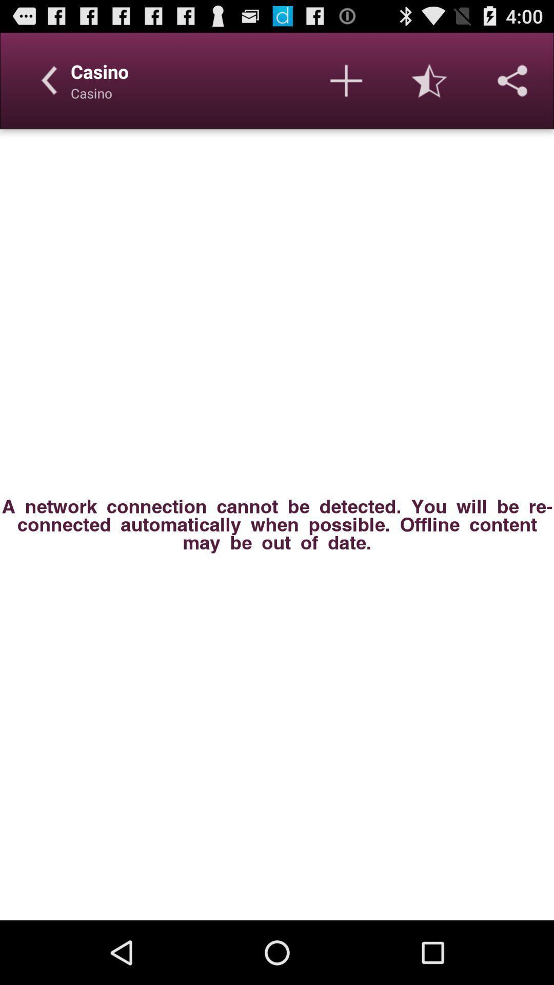  I want to click on star option, so click(429, 80).